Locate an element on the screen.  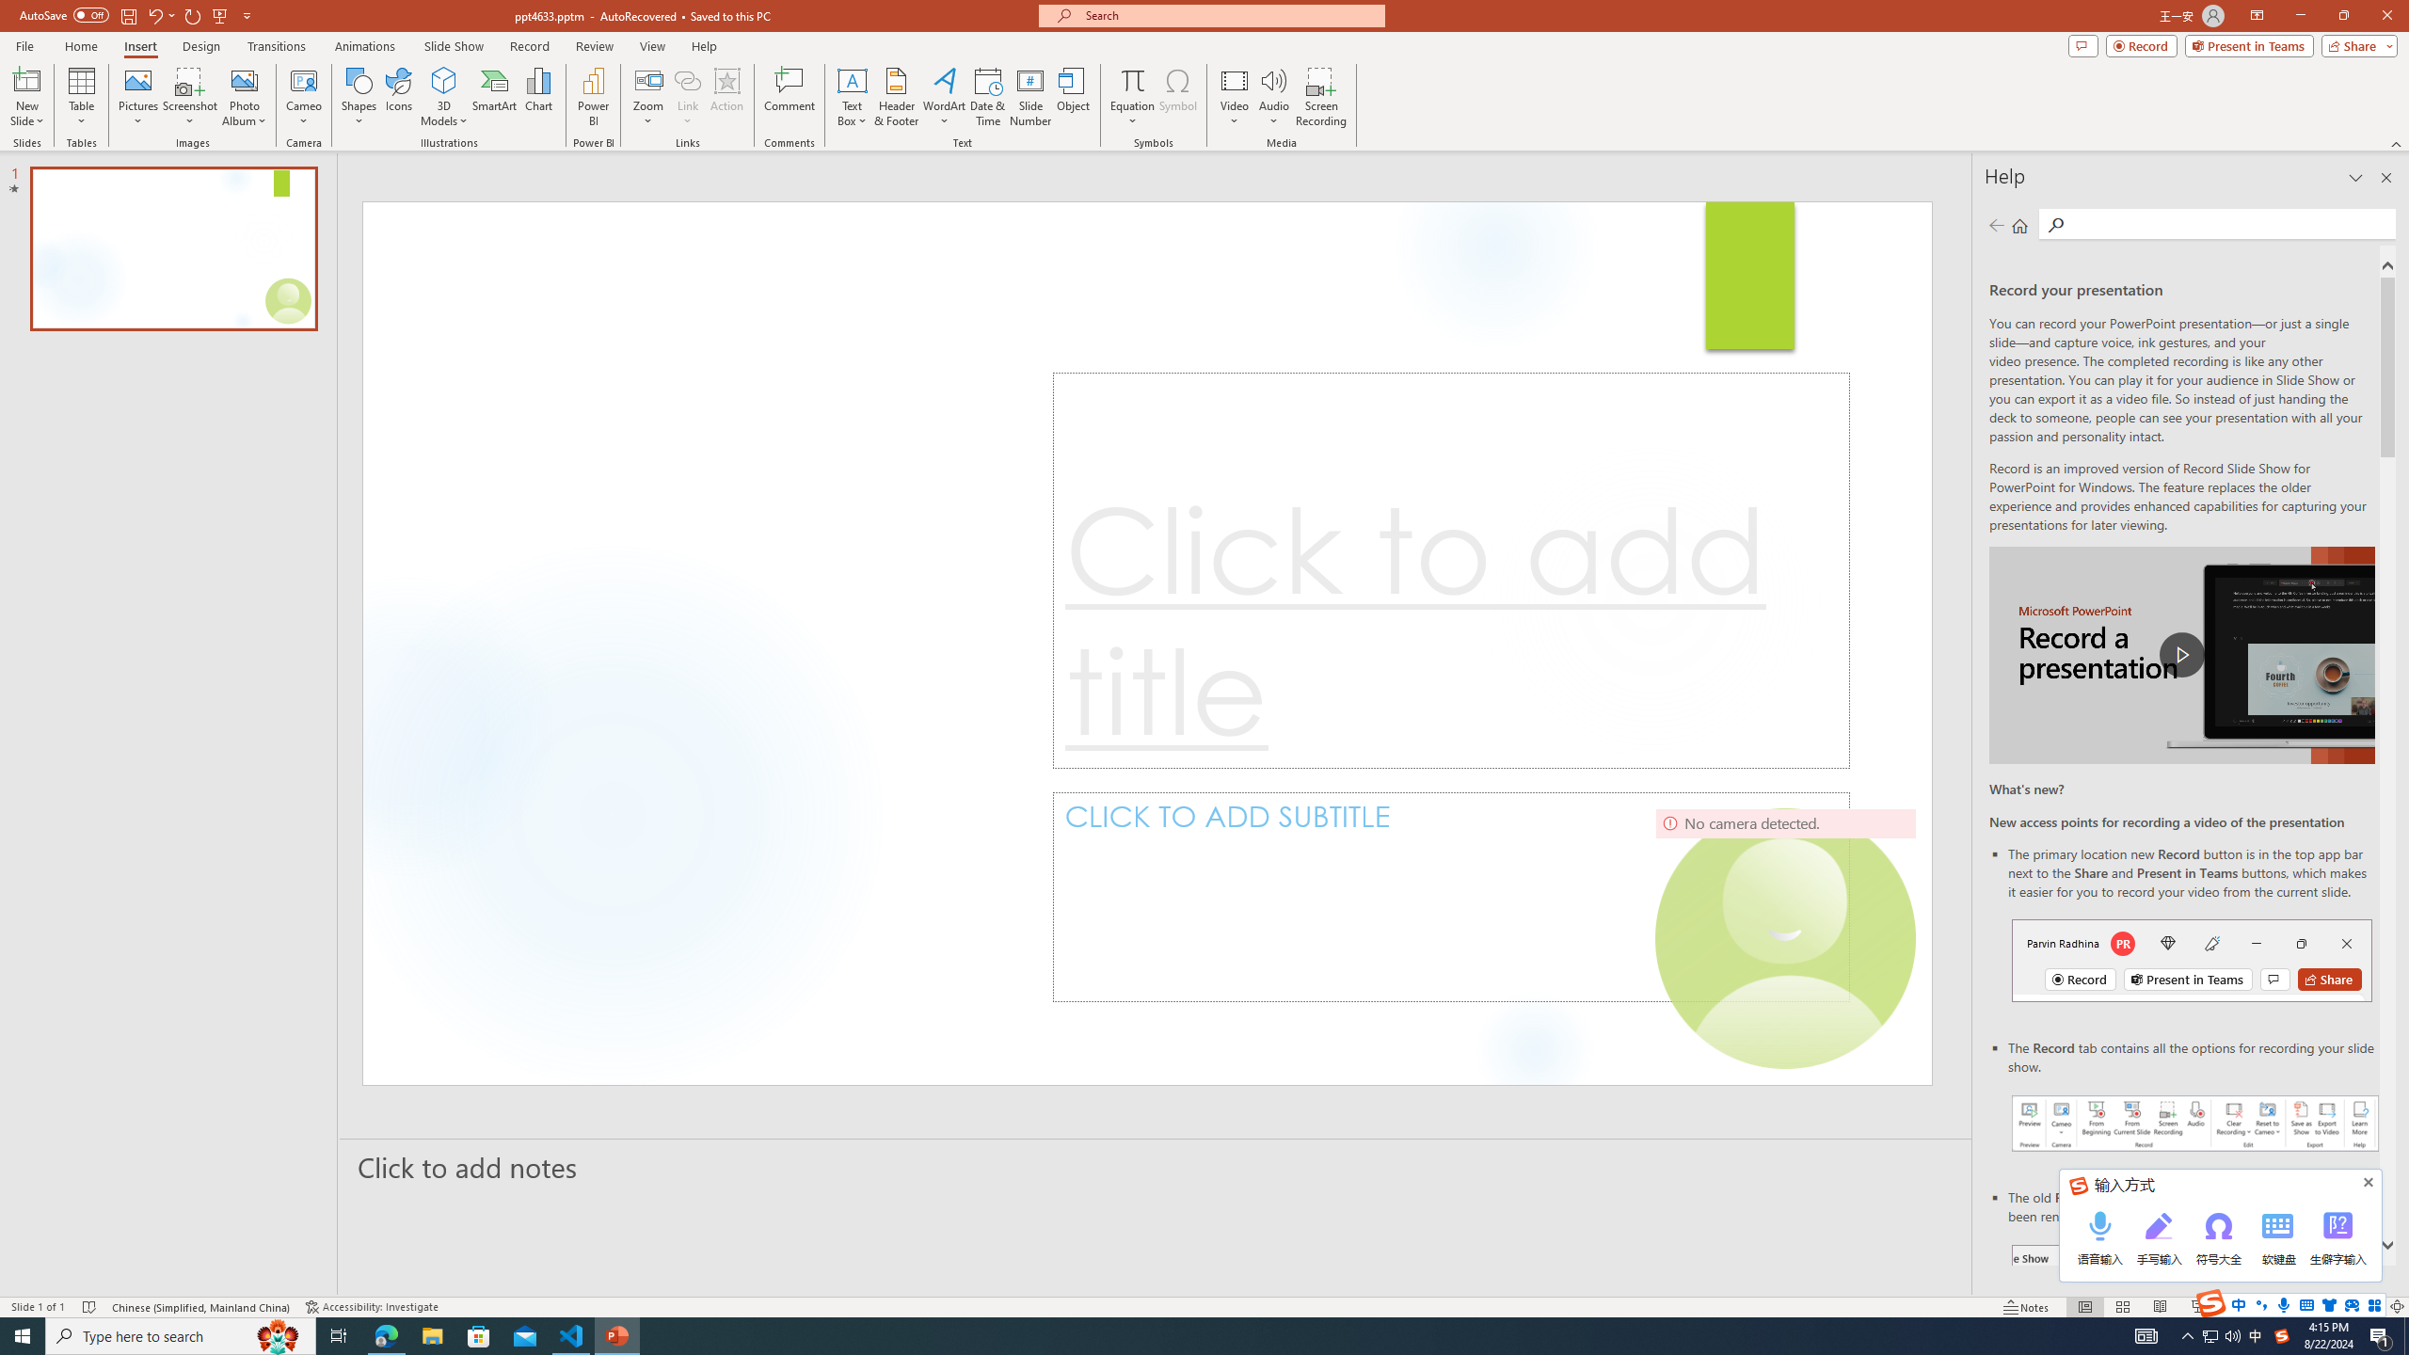
'Action' is located at coordinates (727, 97).